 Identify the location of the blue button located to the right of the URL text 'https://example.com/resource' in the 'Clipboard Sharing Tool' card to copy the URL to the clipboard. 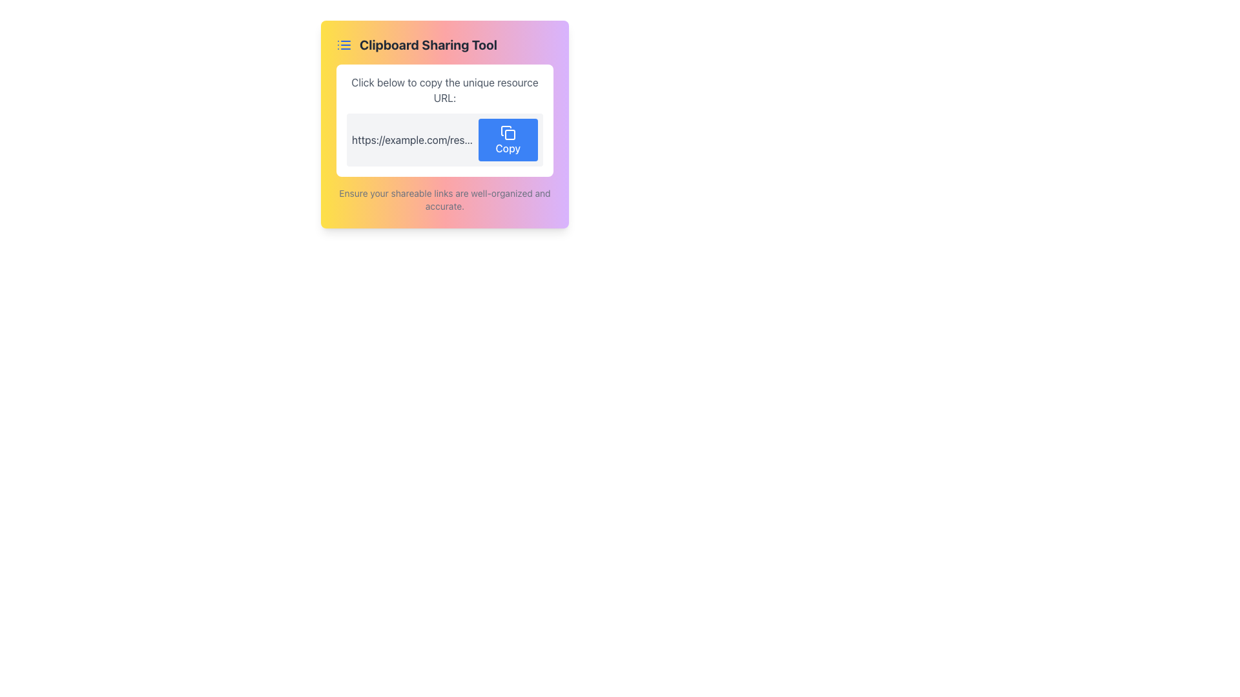
(507, 139).